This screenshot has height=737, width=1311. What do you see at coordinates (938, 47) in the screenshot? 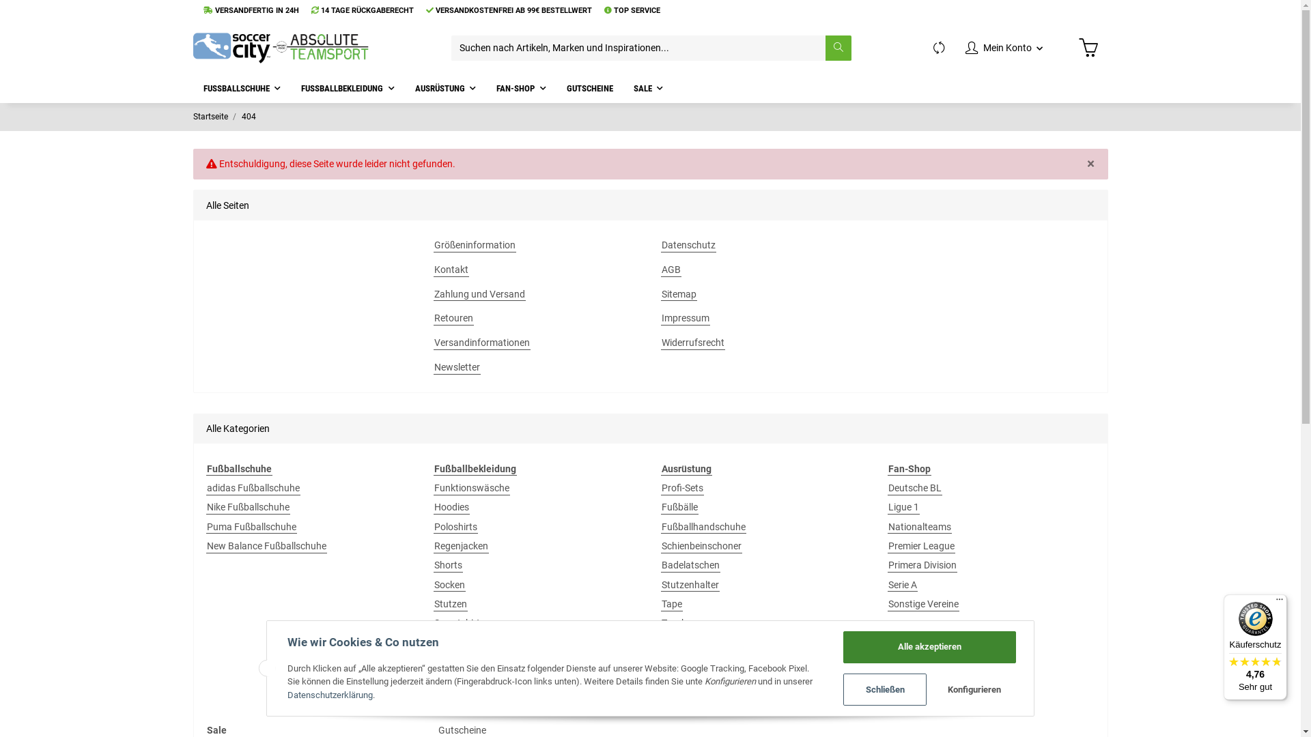
I see `'Vergleichsliste'` at bounding box center [938, 47].